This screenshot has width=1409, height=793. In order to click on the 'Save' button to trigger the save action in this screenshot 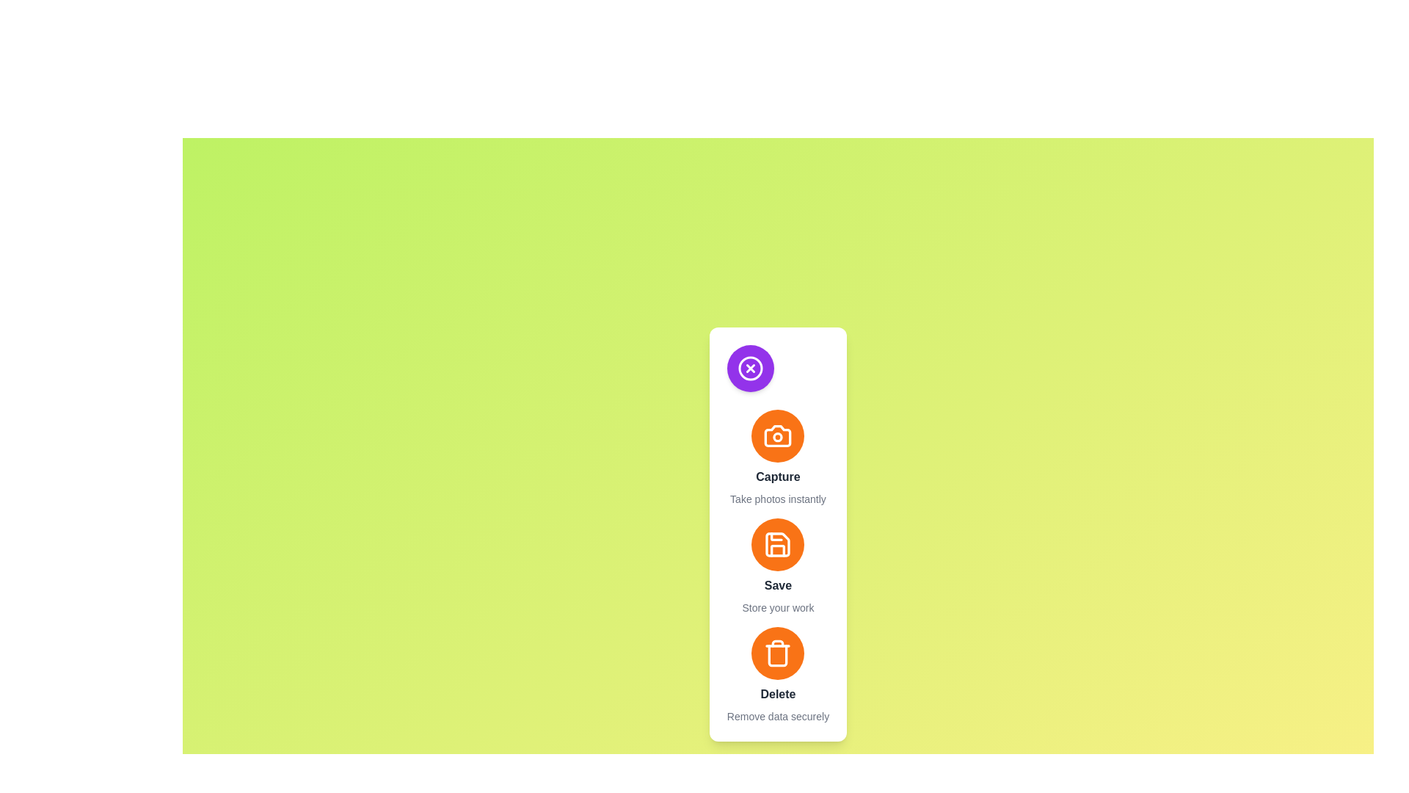, I will do `click(777, 544)`.